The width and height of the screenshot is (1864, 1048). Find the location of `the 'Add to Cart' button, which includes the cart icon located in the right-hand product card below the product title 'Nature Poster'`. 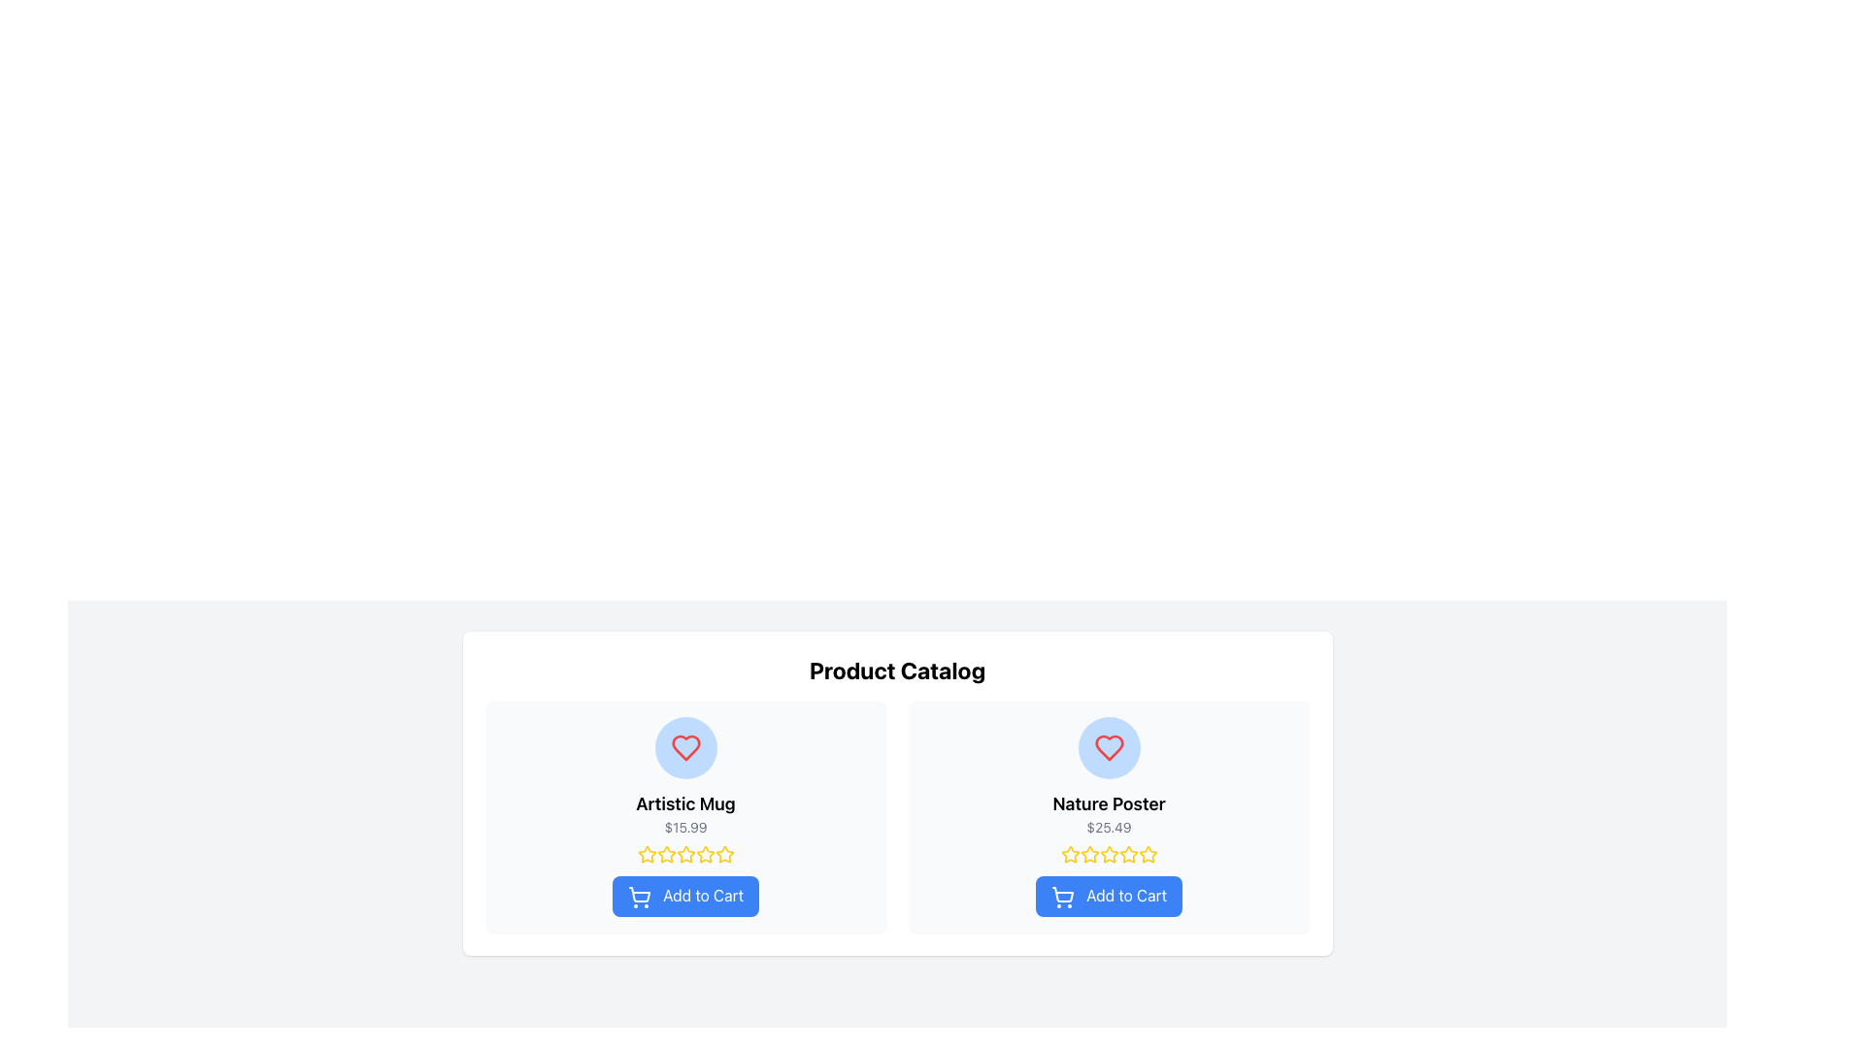

the 'Add to Cart' button, which includes the cart icon located in the right-hand product card below the product title 'Nature Poster' is located at coordinates (1061, 894).